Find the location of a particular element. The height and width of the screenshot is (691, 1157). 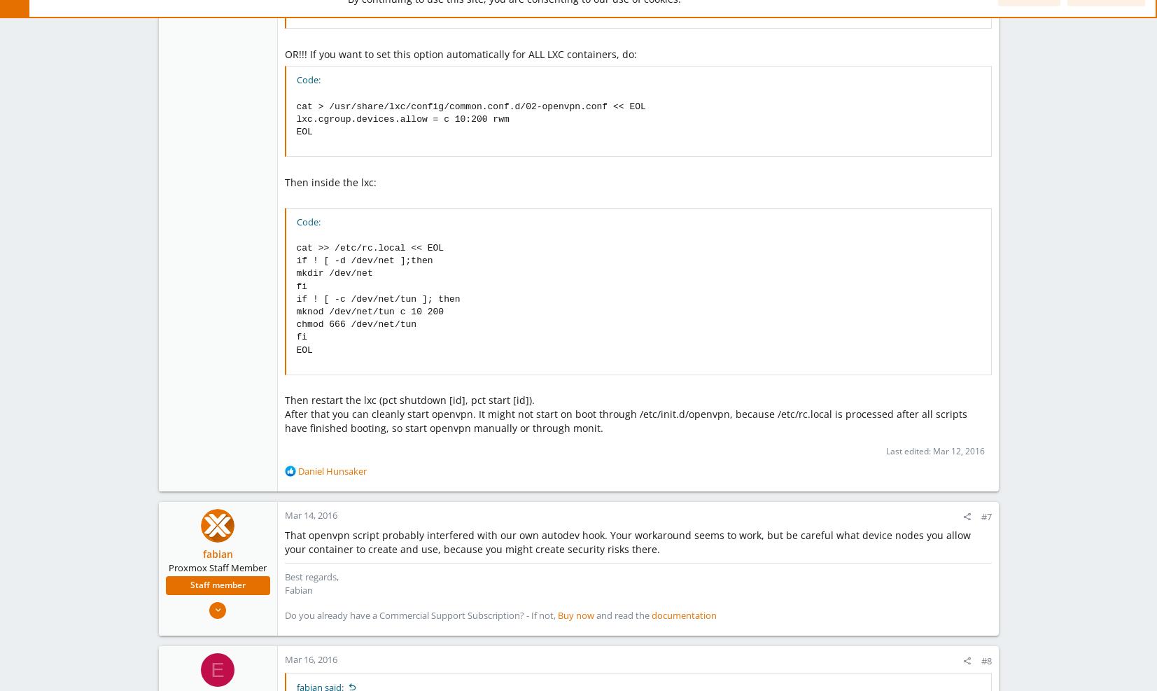

'#7' is located at coordinates (986, 515).